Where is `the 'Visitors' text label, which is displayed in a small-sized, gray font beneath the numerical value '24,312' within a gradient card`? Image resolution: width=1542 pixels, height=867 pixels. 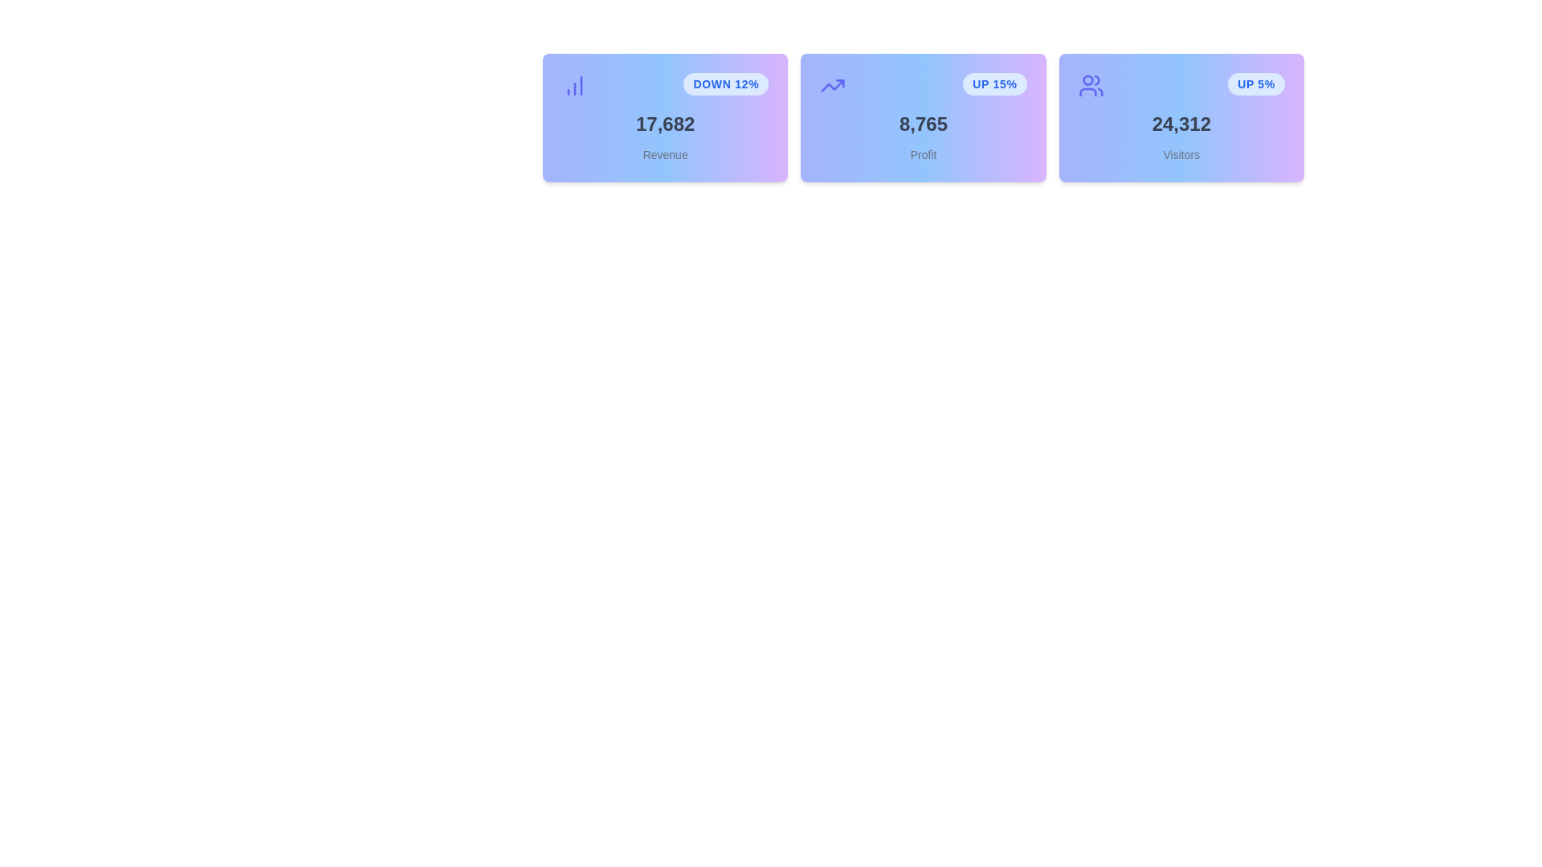
the 'Visitors' text label, which is displayed in a small-sized, gray font beneath the numerical value '24,312' within a gradient card is located at coordinates (1181, 154).